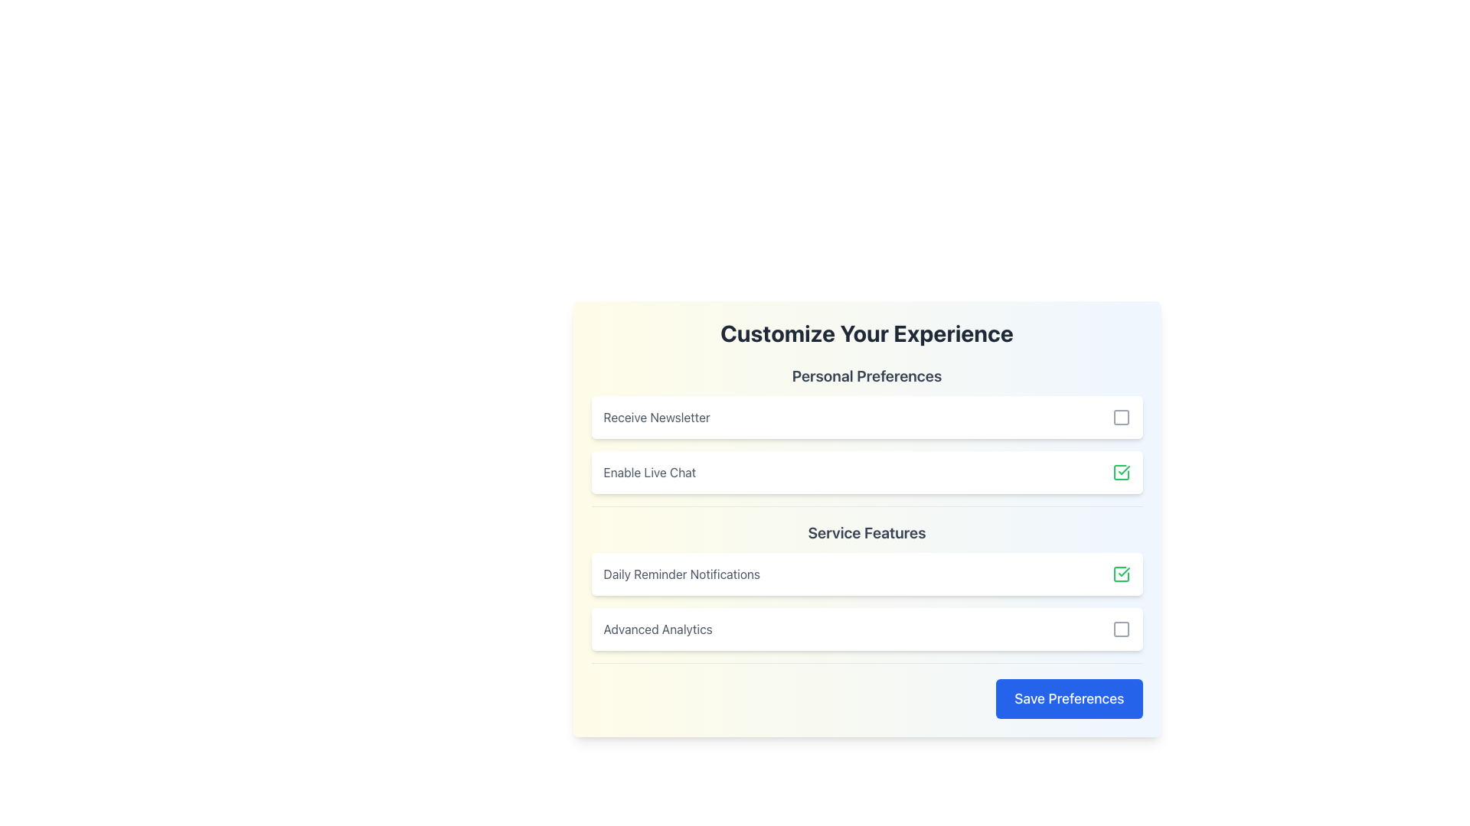  I want to click on the small, square-shaped icon with rounded corners and red fill located inside the first checkbox next to the 'Receive Newsletter' label in the 'Personal Preferences' section, so click(1121, 418).